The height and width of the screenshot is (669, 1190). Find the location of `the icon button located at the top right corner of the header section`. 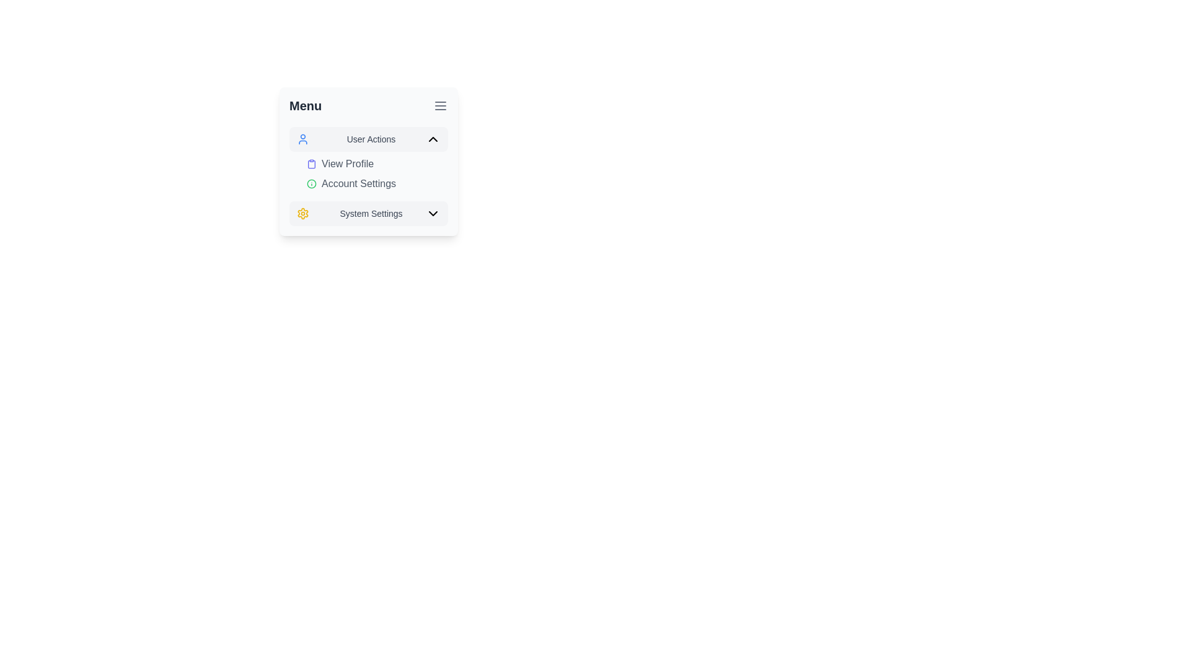

the icon button located at the top right corner of the header section is located at coordinates (440, 105).